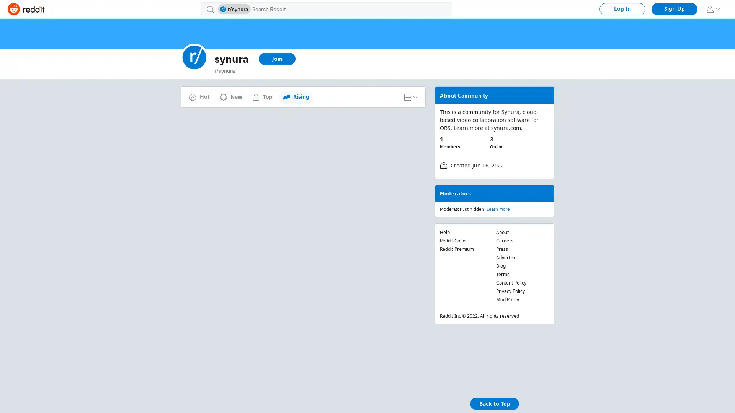  What do you see at coordinates (494, 403) in the screenshot?
I see `Back to Top` at bounding box center [494, 403].